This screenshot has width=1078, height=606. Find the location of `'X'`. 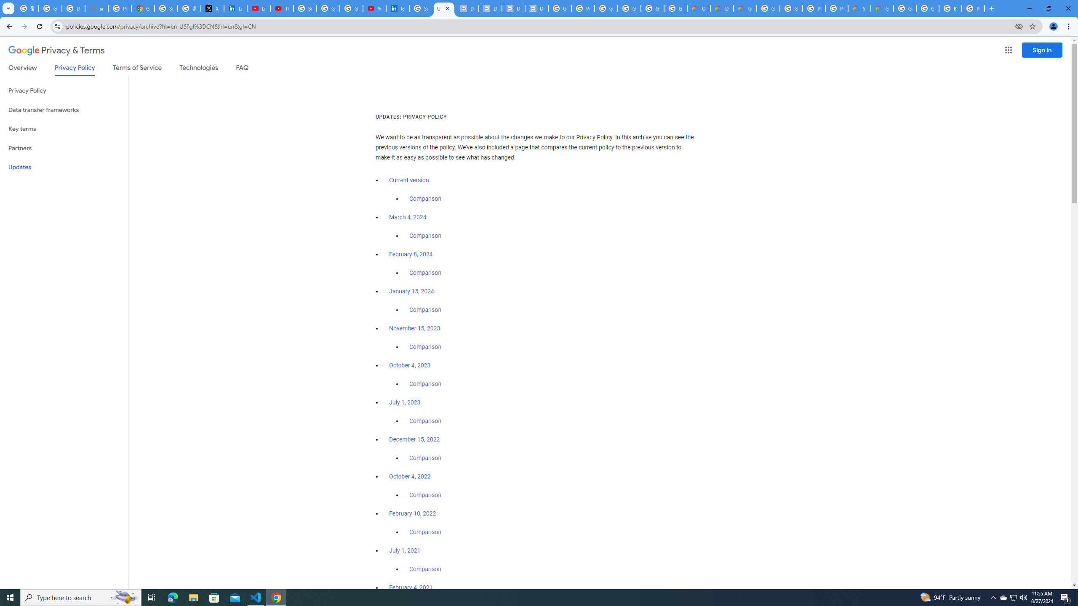

'X' is located at coordinates (212, 8).